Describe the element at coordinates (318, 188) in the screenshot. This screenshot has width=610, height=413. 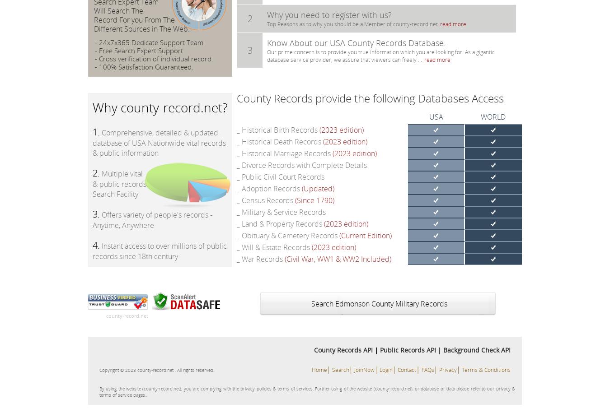
I see `'(Updated)'` at that location.